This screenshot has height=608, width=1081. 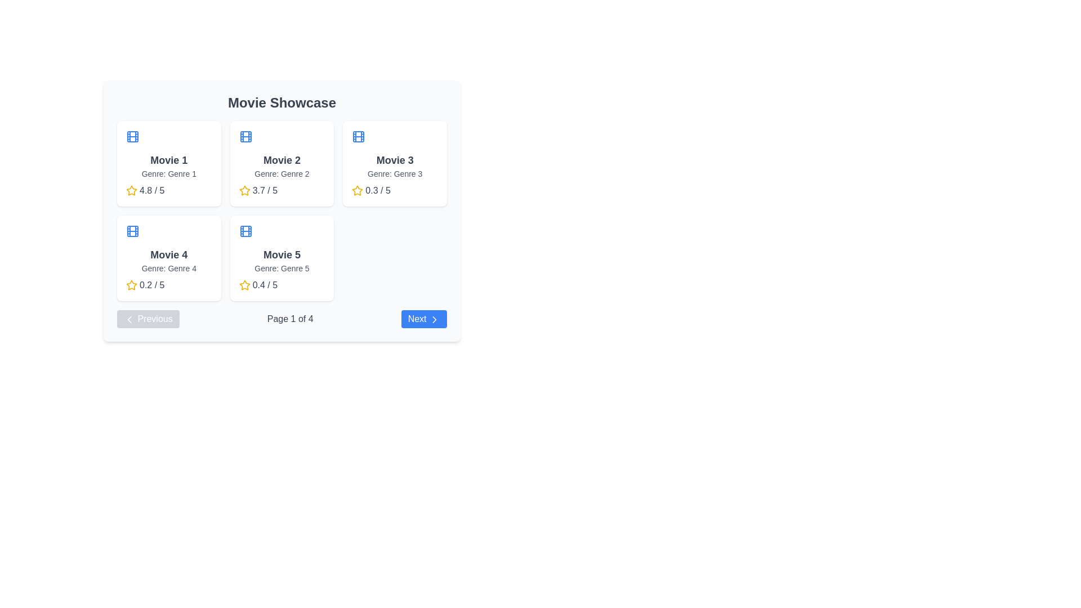 I want to click on the text label displaying 'Genre: Genre 1' located beneath the title 'Movie 1' in the first card of the movie list, so click(x=168, y=173).